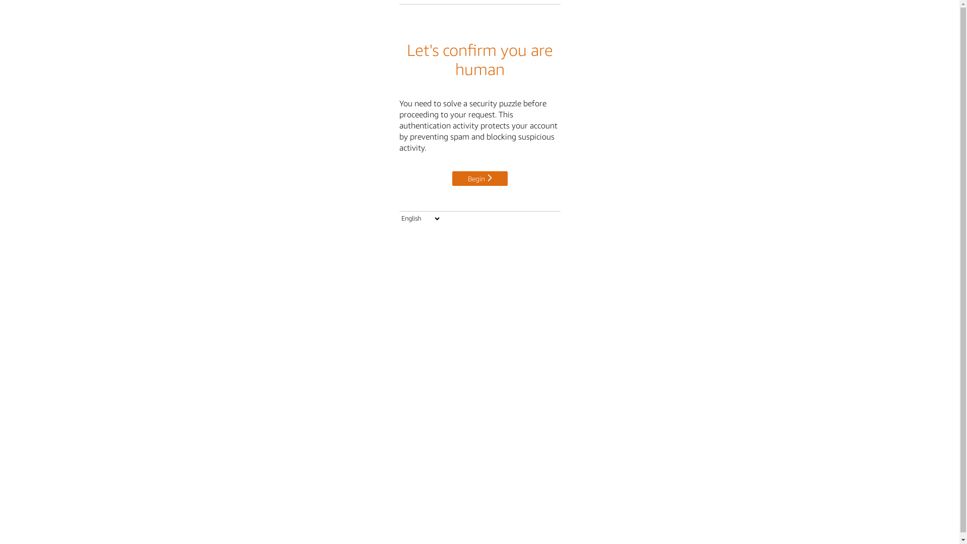  What do you see at coordinates (451, 178) in the screenshot?
I see `'Begin'` at bounding box center [451, 178].